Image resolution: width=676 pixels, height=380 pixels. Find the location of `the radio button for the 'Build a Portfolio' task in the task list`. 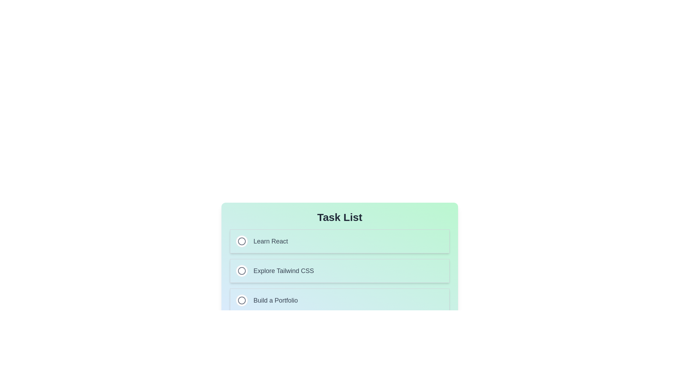

the radio button for the 'Build a Portfolio' task in the task list is located at coordinates (242, 300).